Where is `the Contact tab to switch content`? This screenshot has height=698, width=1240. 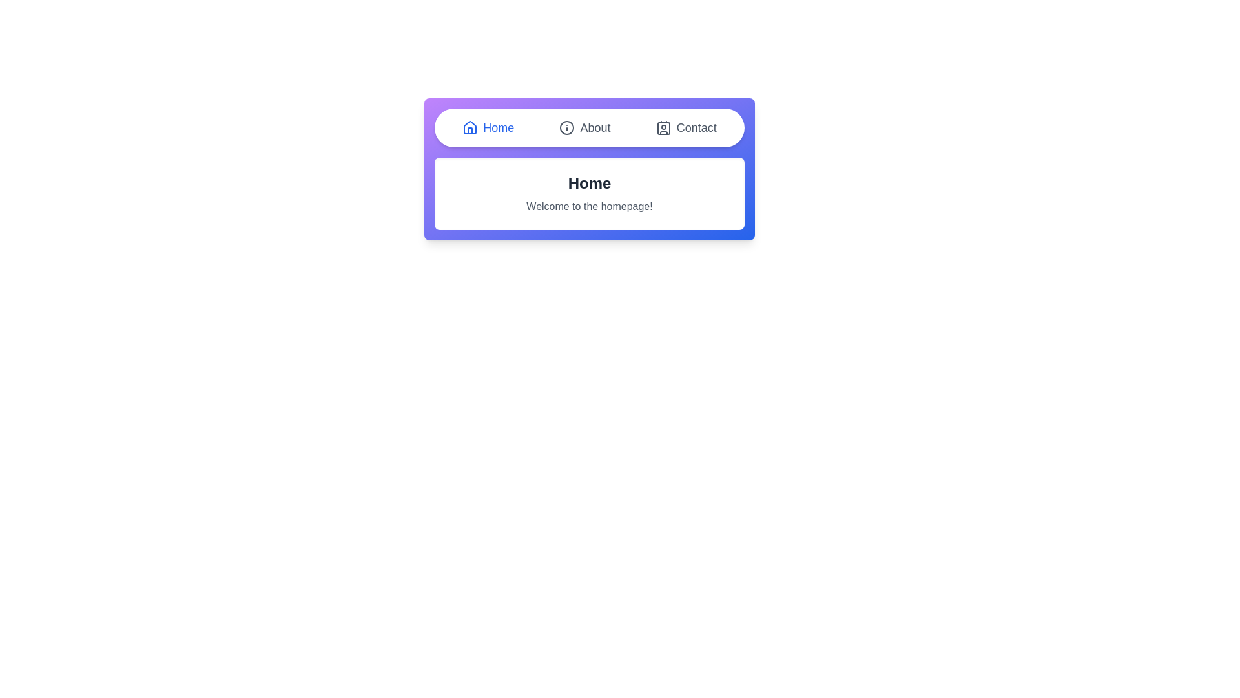 the Contact tab to switch content is located at coordinates (685, 127).